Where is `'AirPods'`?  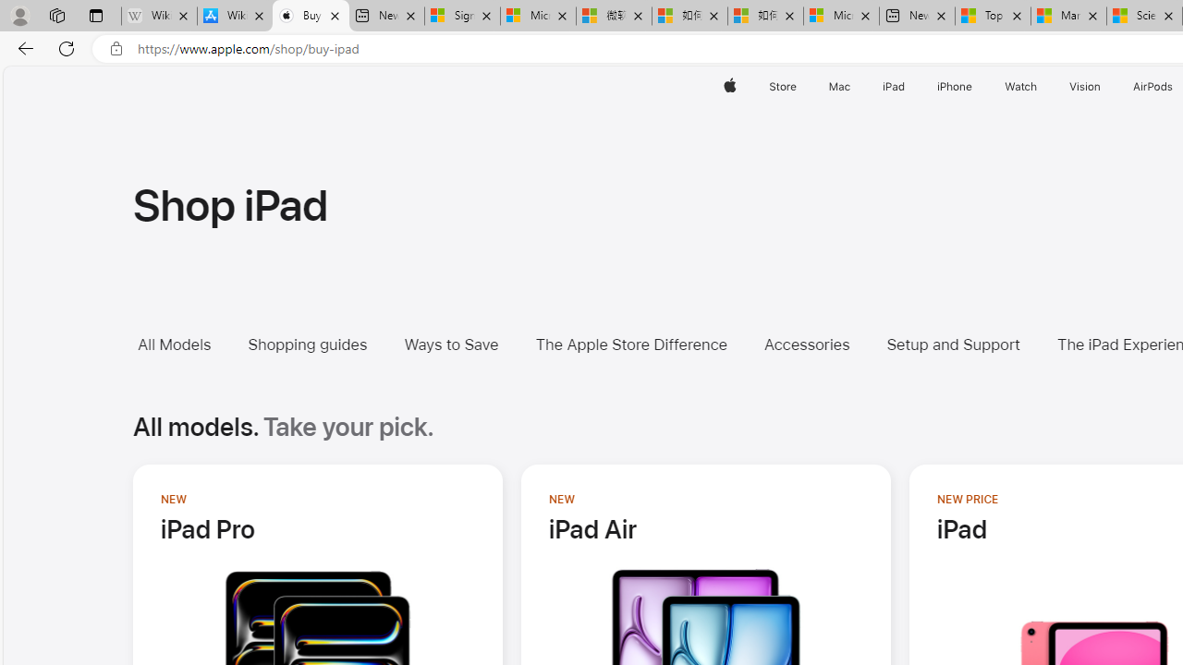
'AirPods' is located at coordinates (1153, 86).